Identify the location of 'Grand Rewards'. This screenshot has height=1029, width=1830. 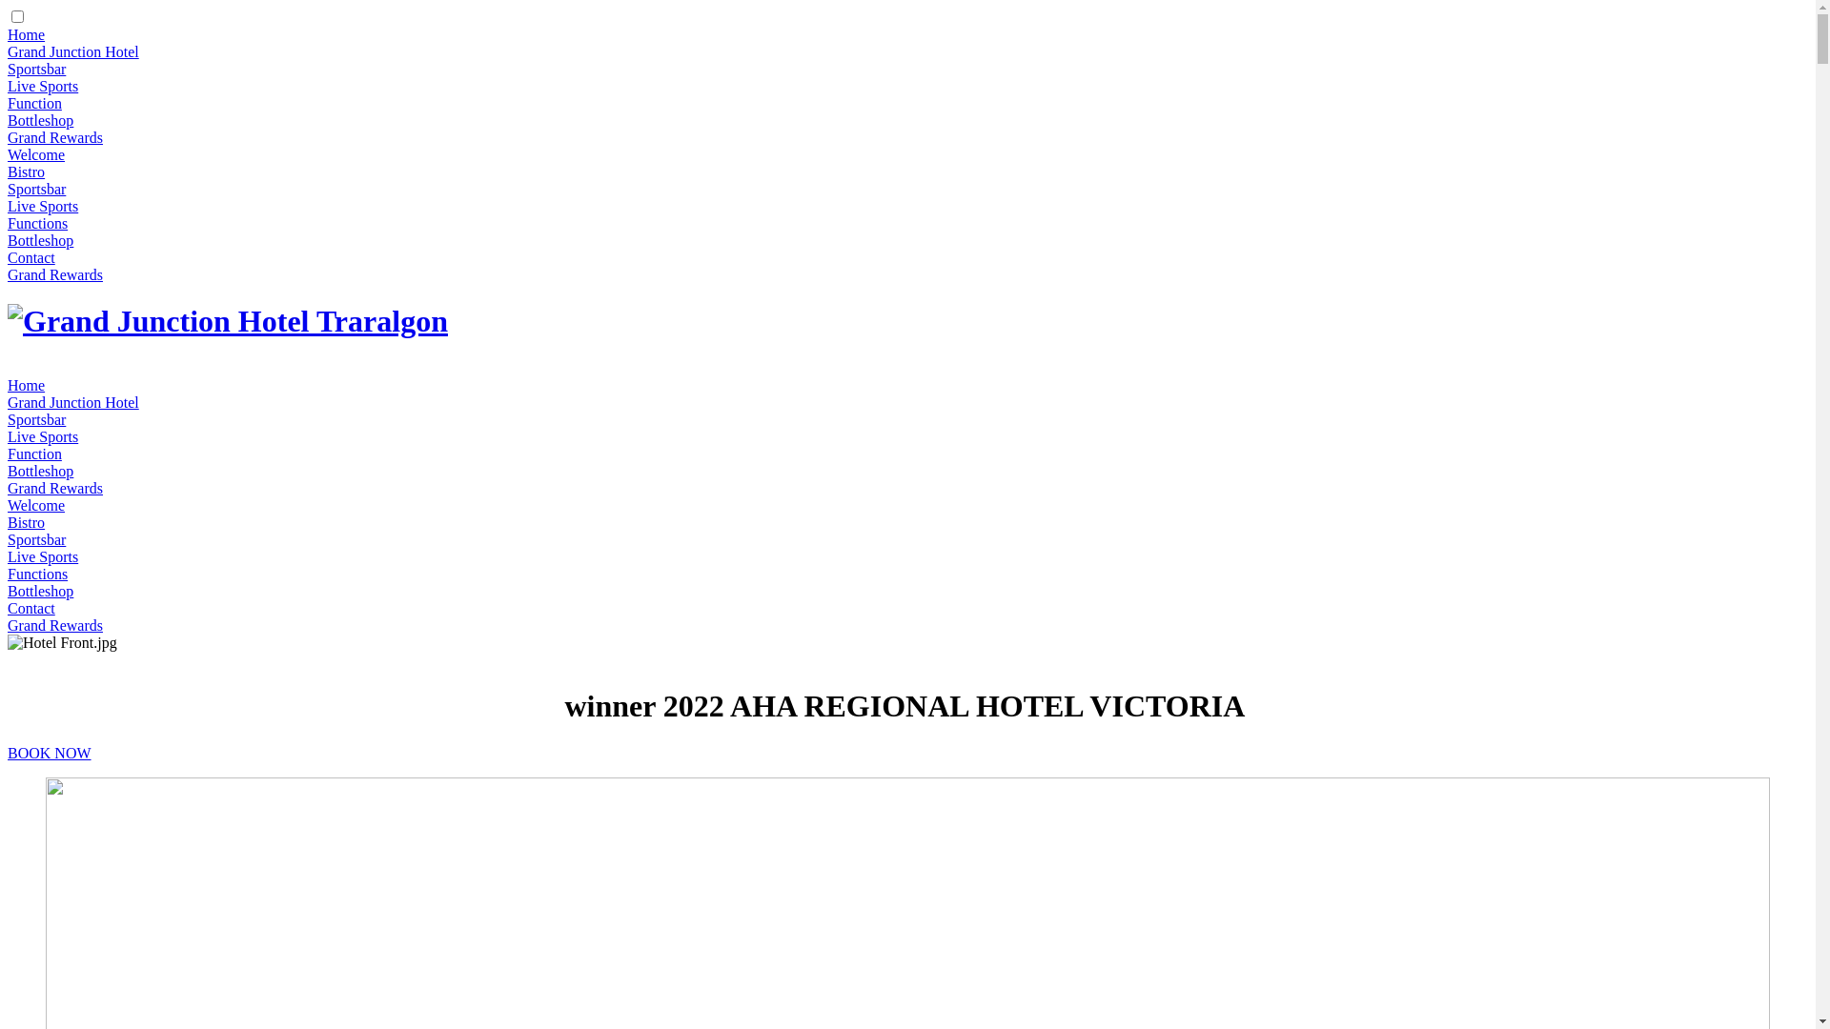
(54, 625).